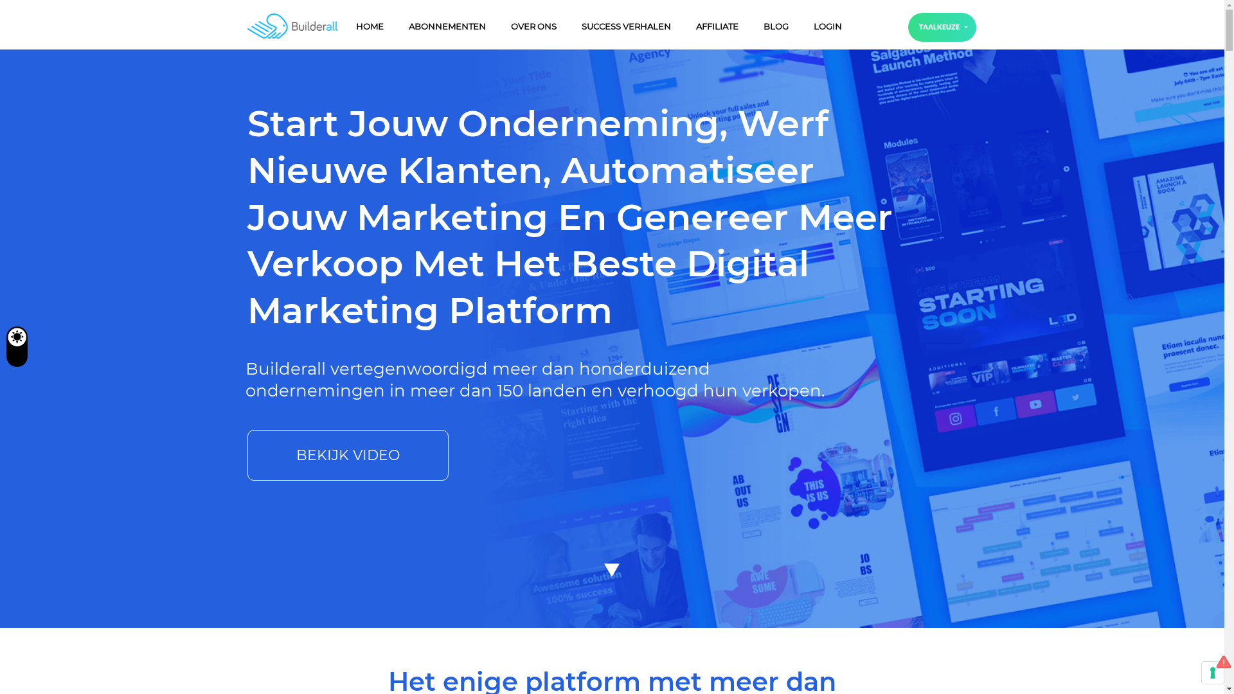 The height and width of the screenshot is (694, 1234). Describe the element at coordinates (369, 26) in the screenshot. I see `'HOME'` at that location.